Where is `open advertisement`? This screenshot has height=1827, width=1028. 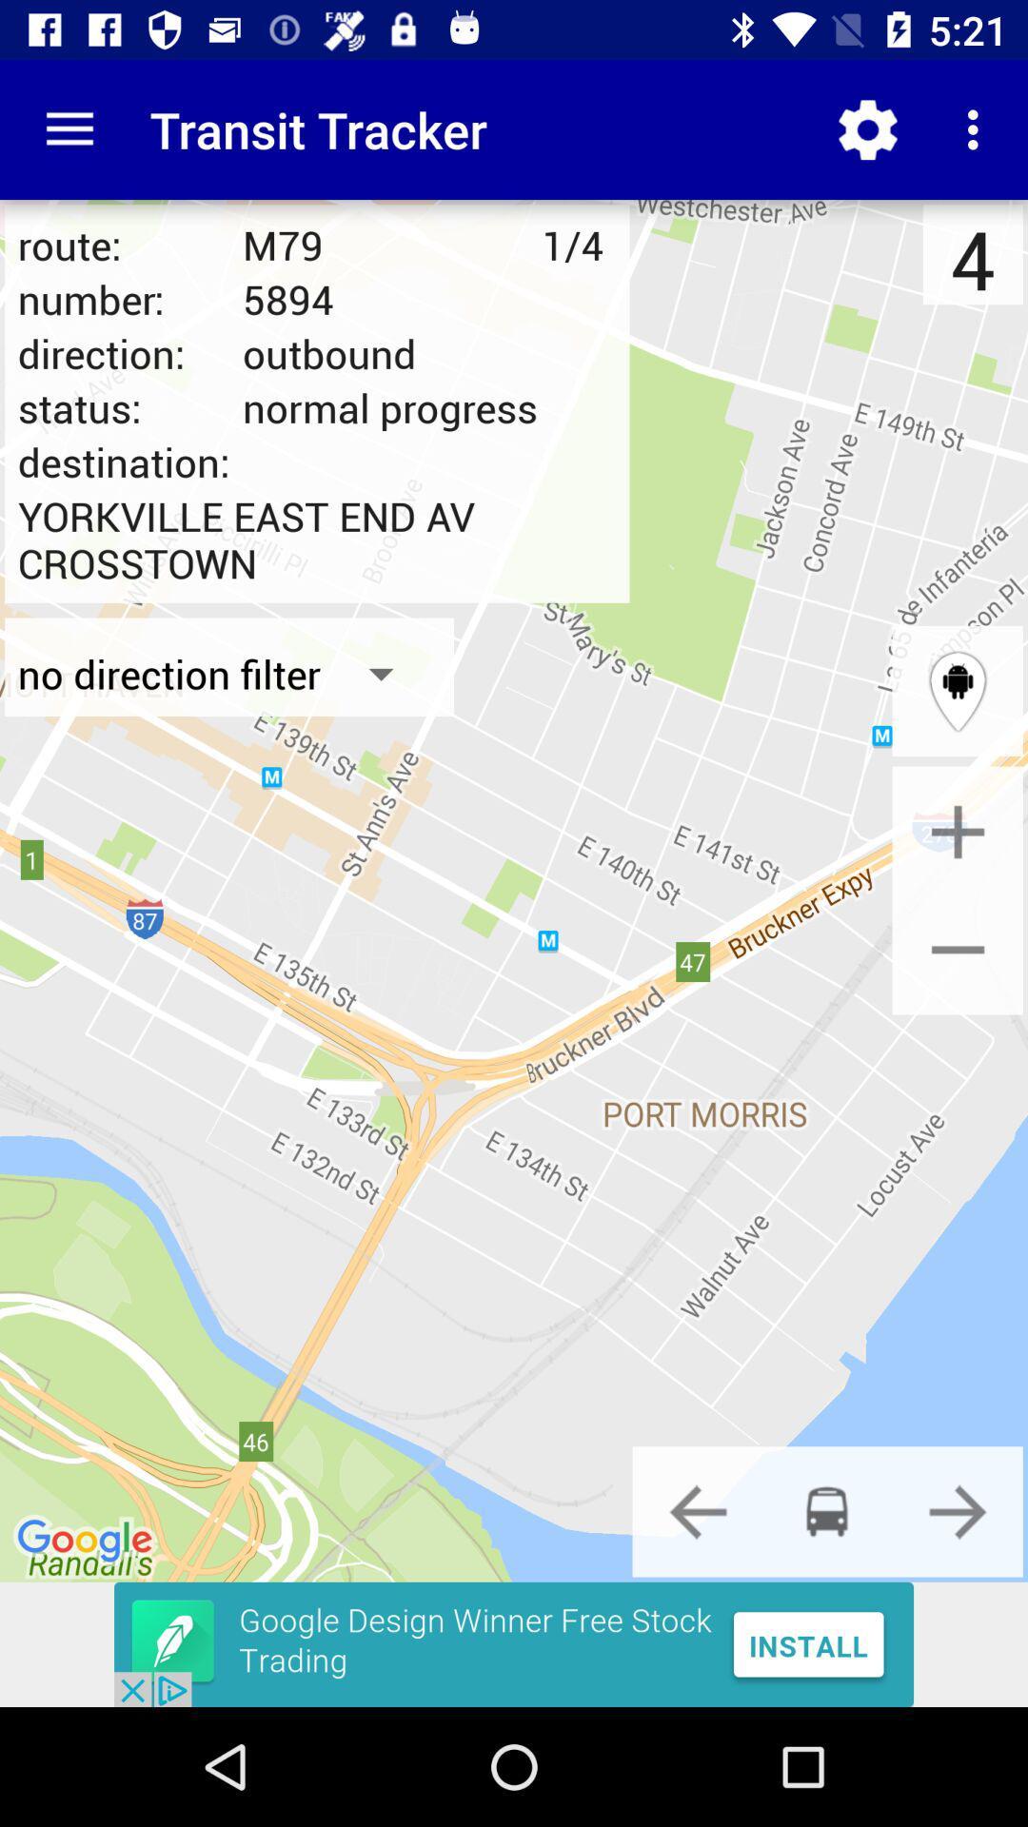 open advertisement is located at coordinates (514, 1643).